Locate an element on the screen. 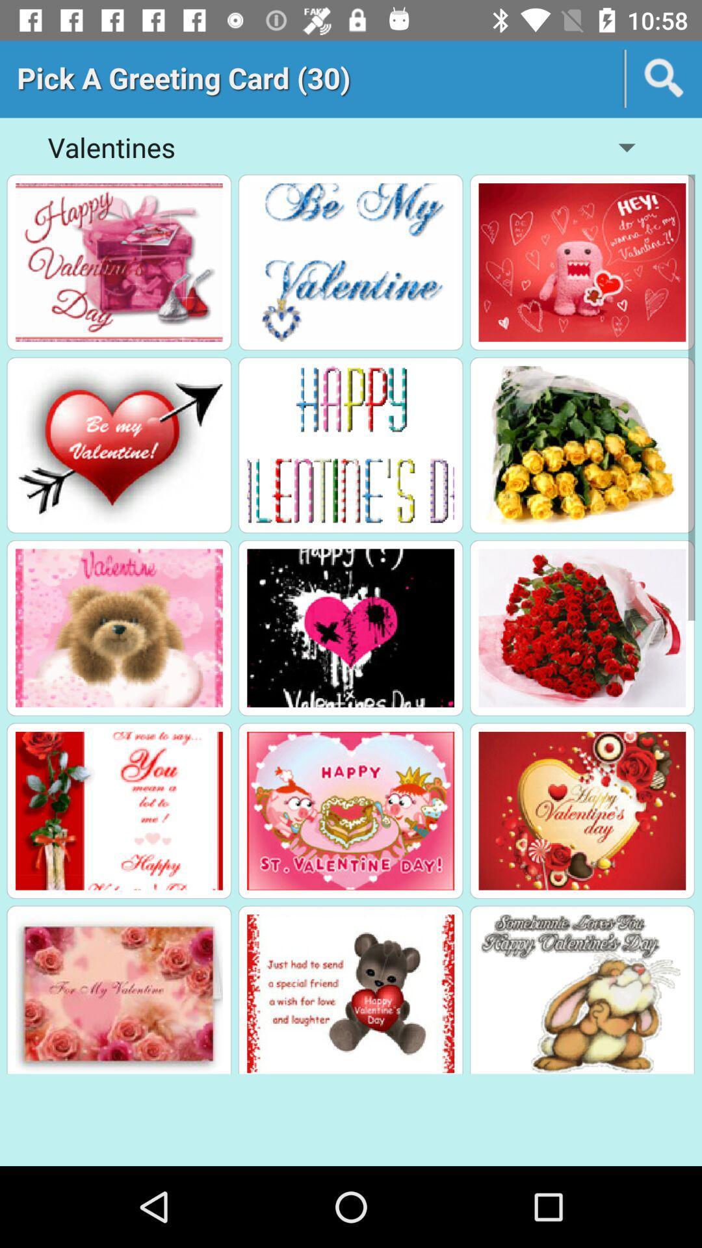  click the picture is located at coordinates (119, 261).